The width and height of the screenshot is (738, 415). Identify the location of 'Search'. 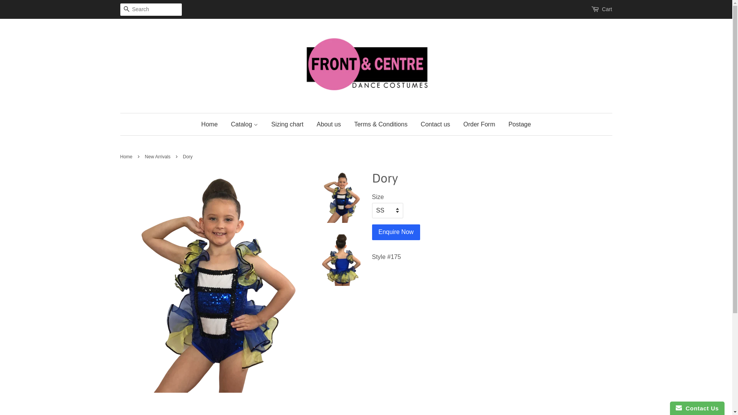
(120, 10).